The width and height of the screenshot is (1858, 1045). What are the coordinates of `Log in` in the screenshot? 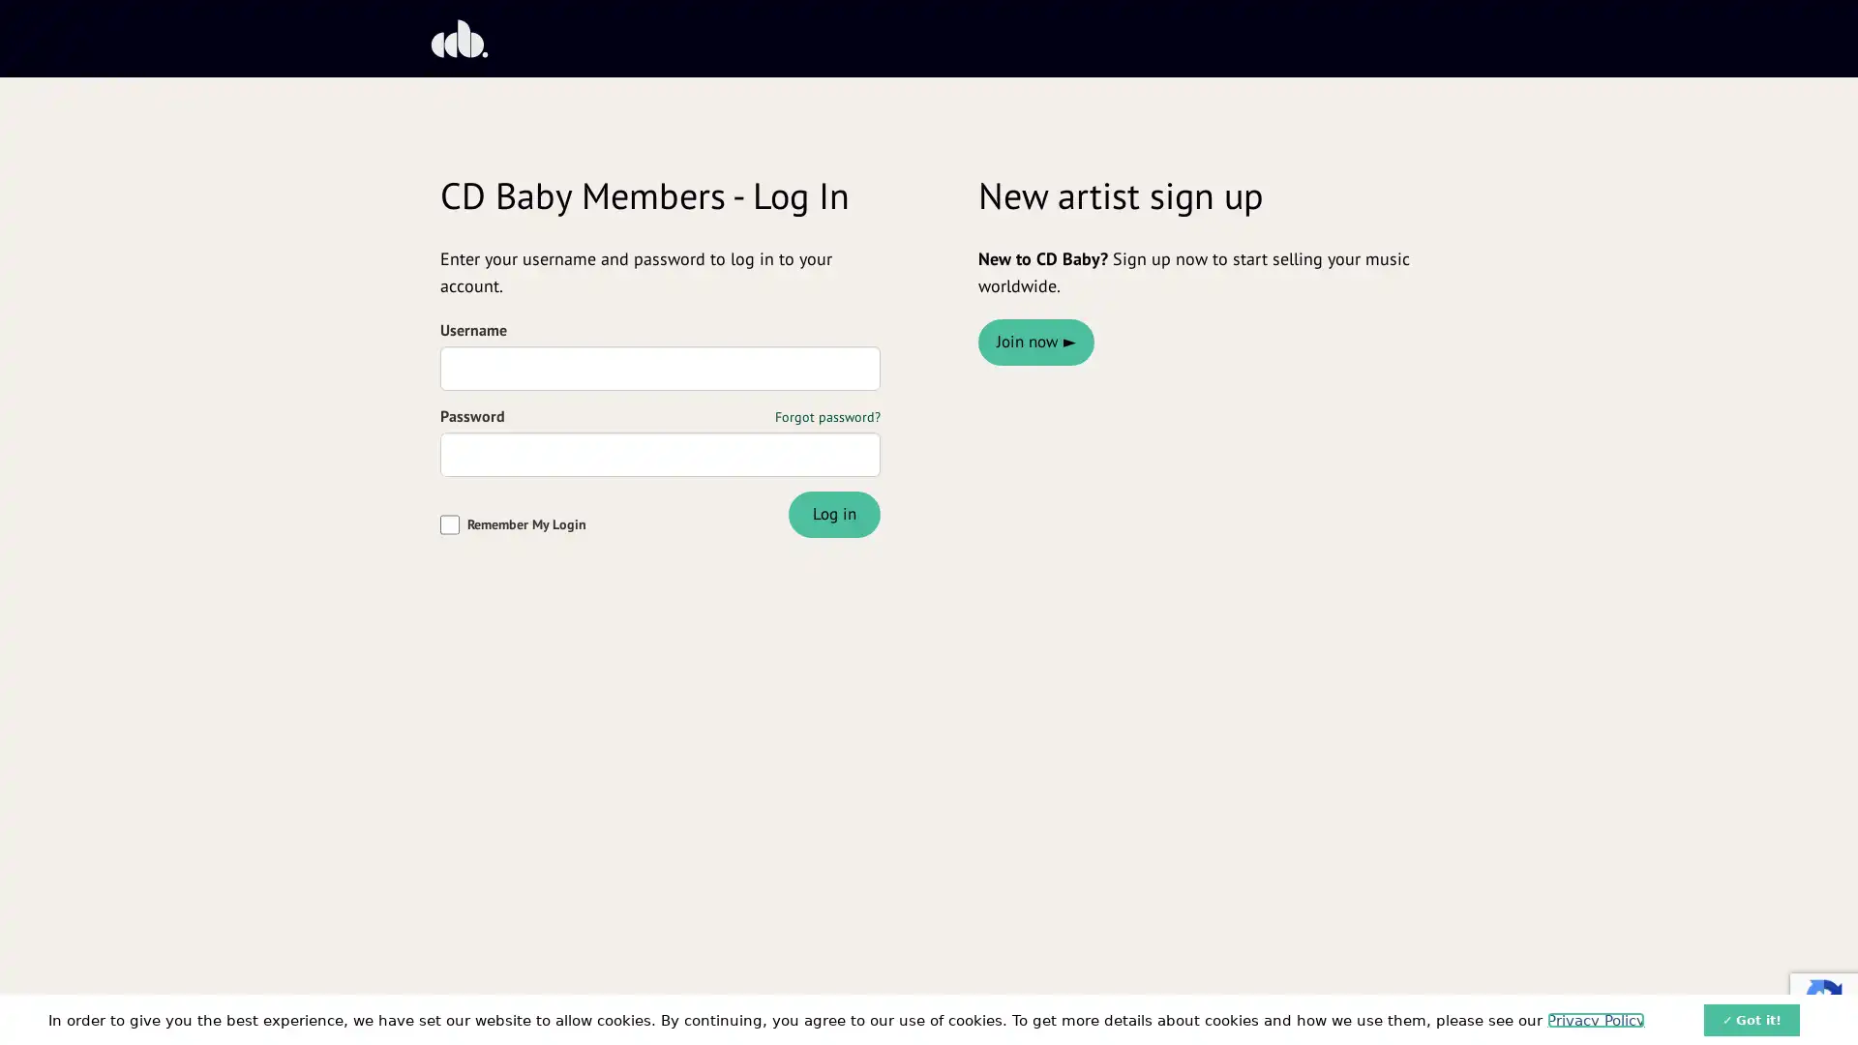 It's located at (833, 513).